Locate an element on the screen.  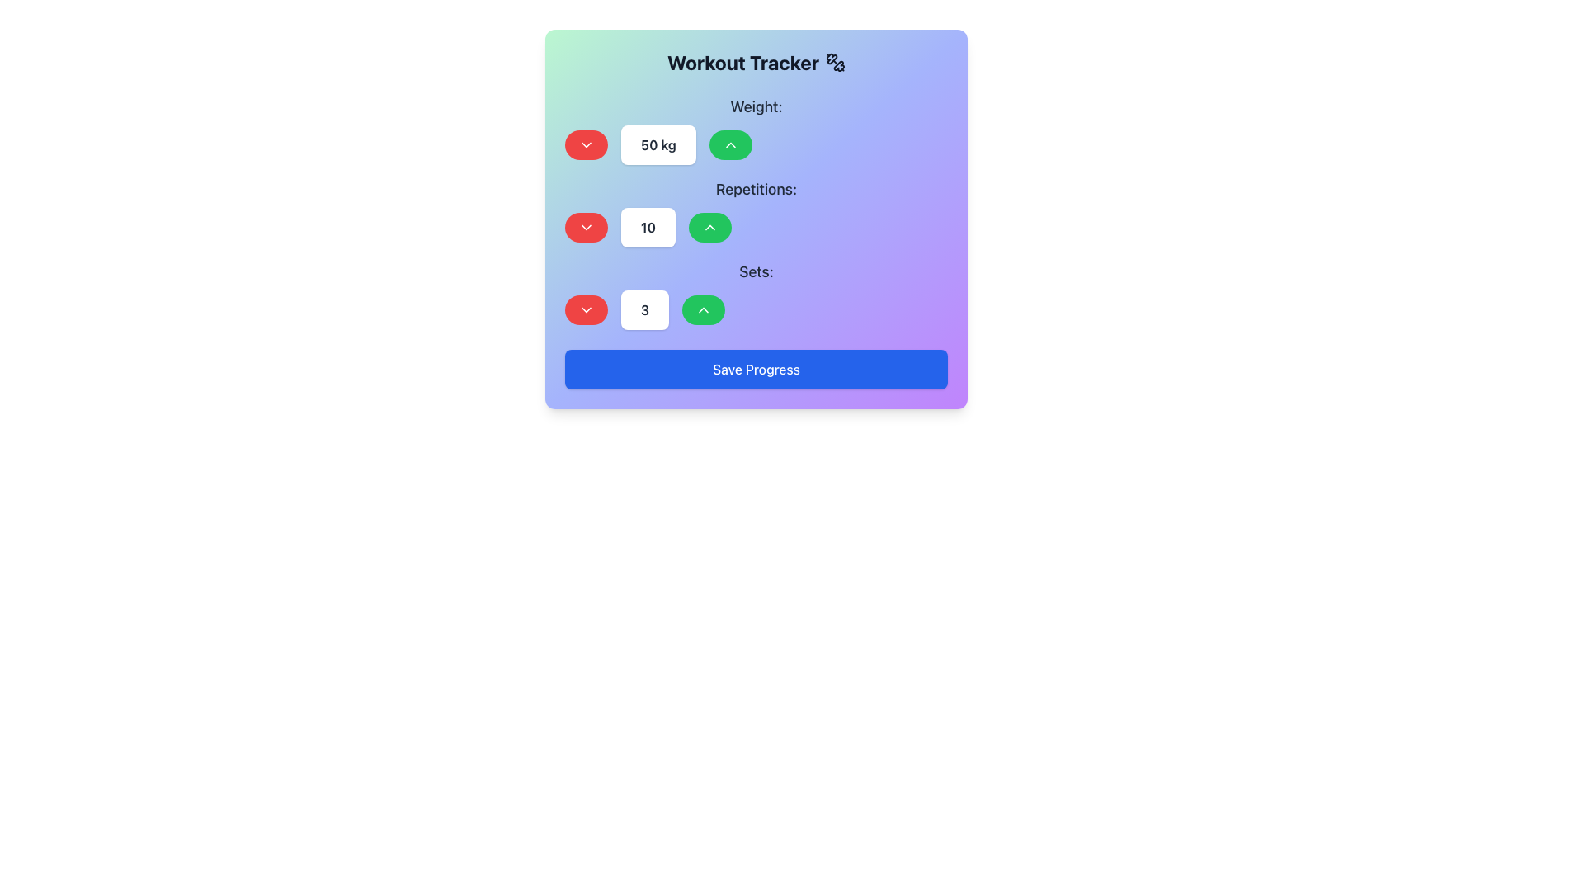
the rectangular button with a blue background and white text reading 'Save Progress' to observe hover effects is located at coordinates (755, 368).